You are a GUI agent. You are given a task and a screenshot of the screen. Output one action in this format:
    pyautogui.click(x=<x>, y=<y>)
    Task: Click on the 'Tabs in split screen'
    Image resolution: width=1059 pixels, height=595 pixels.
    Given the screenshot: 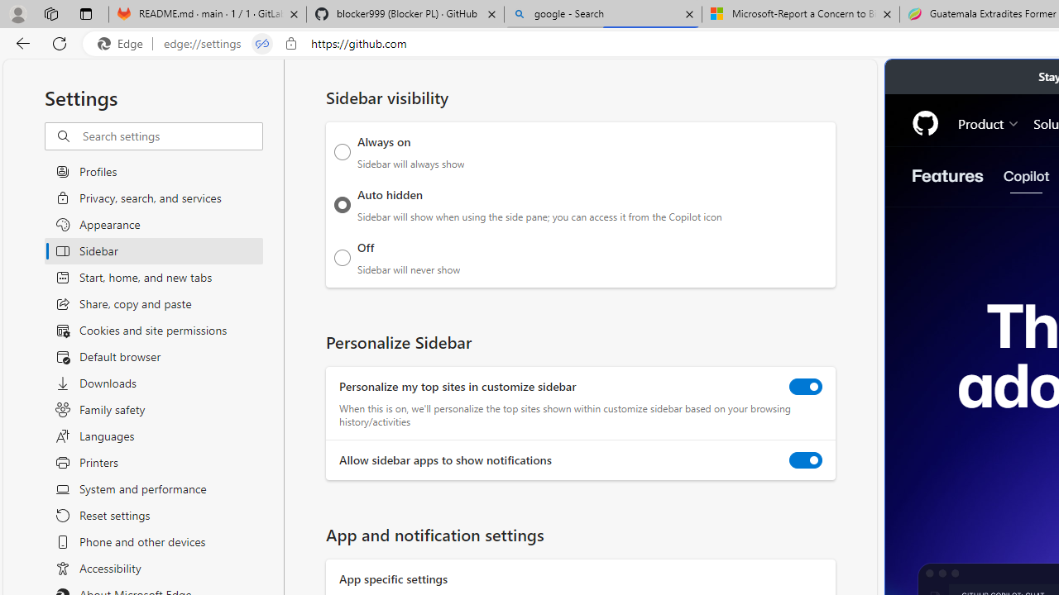 What is the action you would take?
    pyautogui.click(x=261, y=43)
    